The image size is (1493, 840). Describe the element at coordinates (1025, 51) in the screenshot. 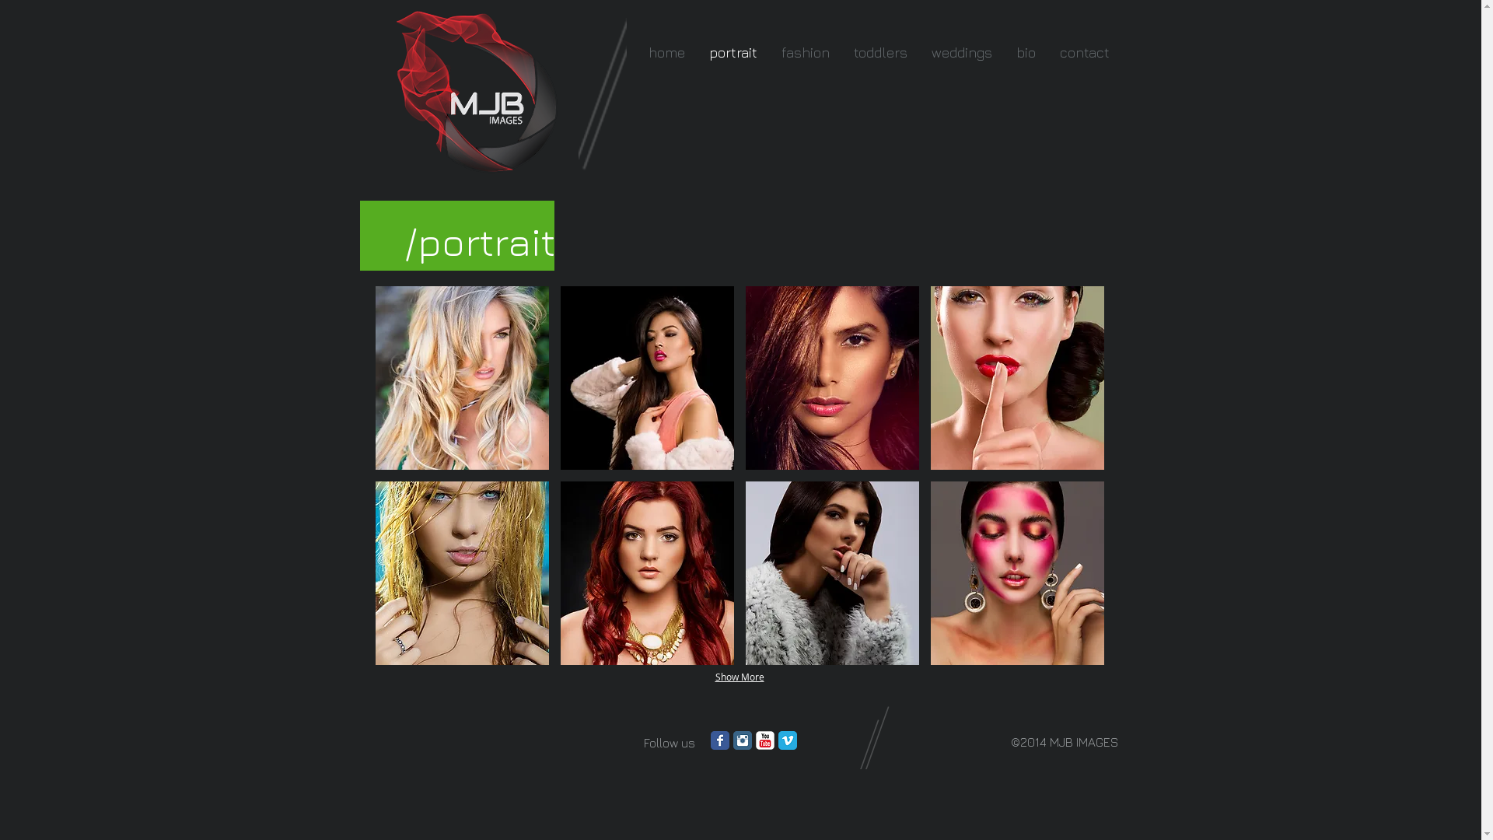

I see `'bio'` at that location.